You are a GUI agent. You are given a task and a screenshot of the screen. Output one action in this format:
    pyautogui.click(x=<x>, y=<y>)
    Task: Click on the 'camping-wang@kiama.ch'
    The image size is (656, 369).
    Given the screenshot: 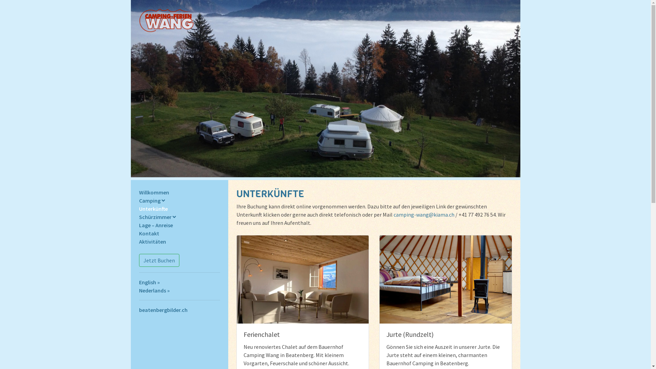 What is the action you would take?
    pyautogui.click(x=424, y=214)
    